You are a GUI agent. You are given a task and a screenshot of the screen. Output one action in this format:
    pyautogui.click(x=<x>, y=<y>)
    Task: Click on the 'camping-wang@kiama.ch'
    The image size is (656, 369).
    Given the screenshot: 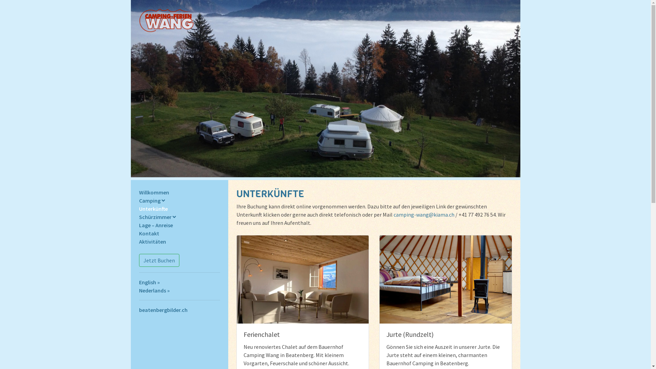 What is the action you would take?
    pyautogui.click(x=424, y=214)
    